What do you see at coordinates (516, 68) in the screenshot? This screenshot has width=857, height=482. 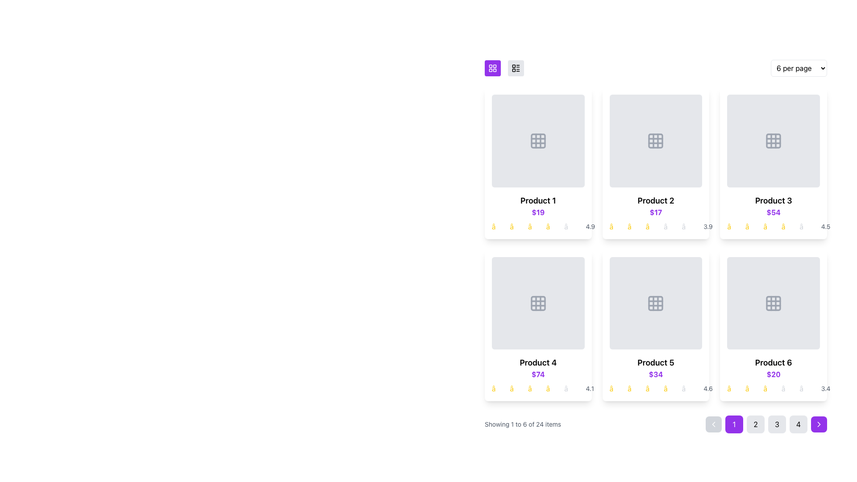 I see `the light gray circular button with a list structure icon` at bounding box center [516, 68].